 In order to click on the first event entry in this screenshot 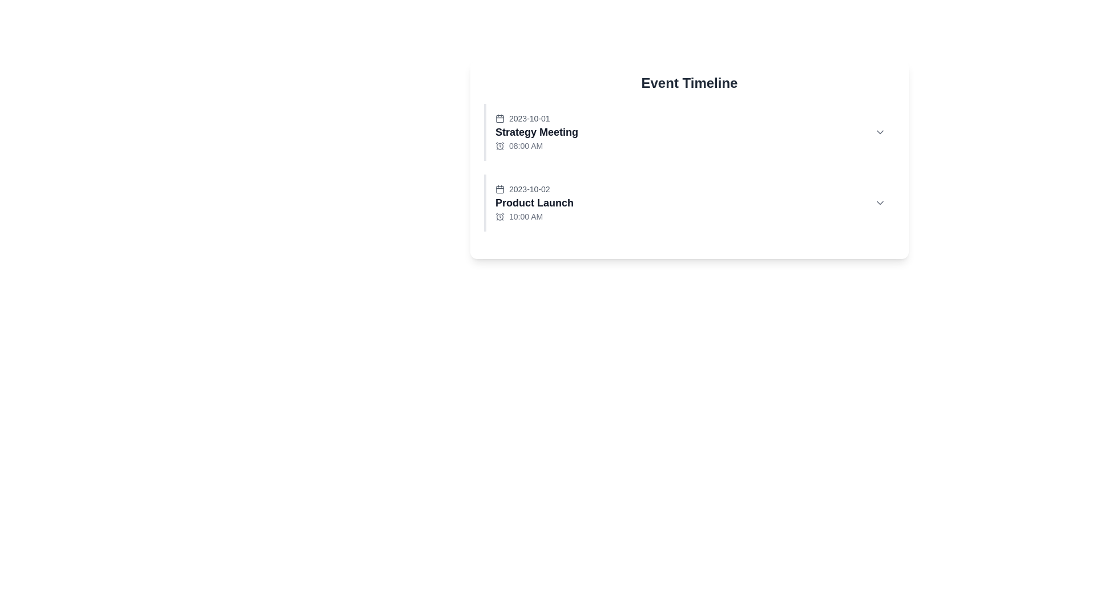, I will do `click(536, 131)`.